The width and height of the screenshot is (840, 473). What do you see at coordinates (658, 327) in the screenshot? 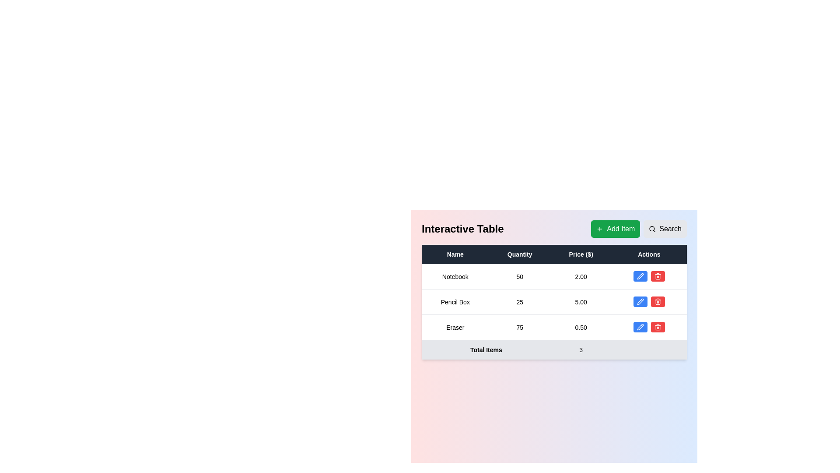
I see `the small red button with a white trashcan icon located in the 'Actions' column of the third row of the table, which is positioned directly to the right of a blue button with a pencil icon` at bounding box center [658, 327].